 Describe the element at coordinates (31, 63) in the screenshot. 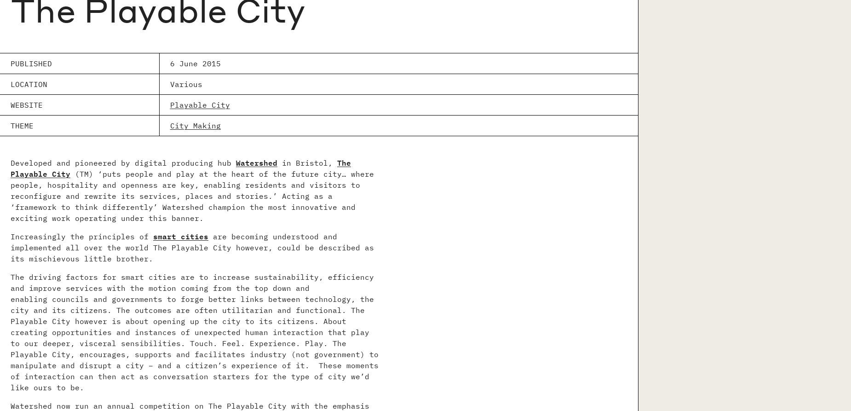

I see `'Published'` at that location.